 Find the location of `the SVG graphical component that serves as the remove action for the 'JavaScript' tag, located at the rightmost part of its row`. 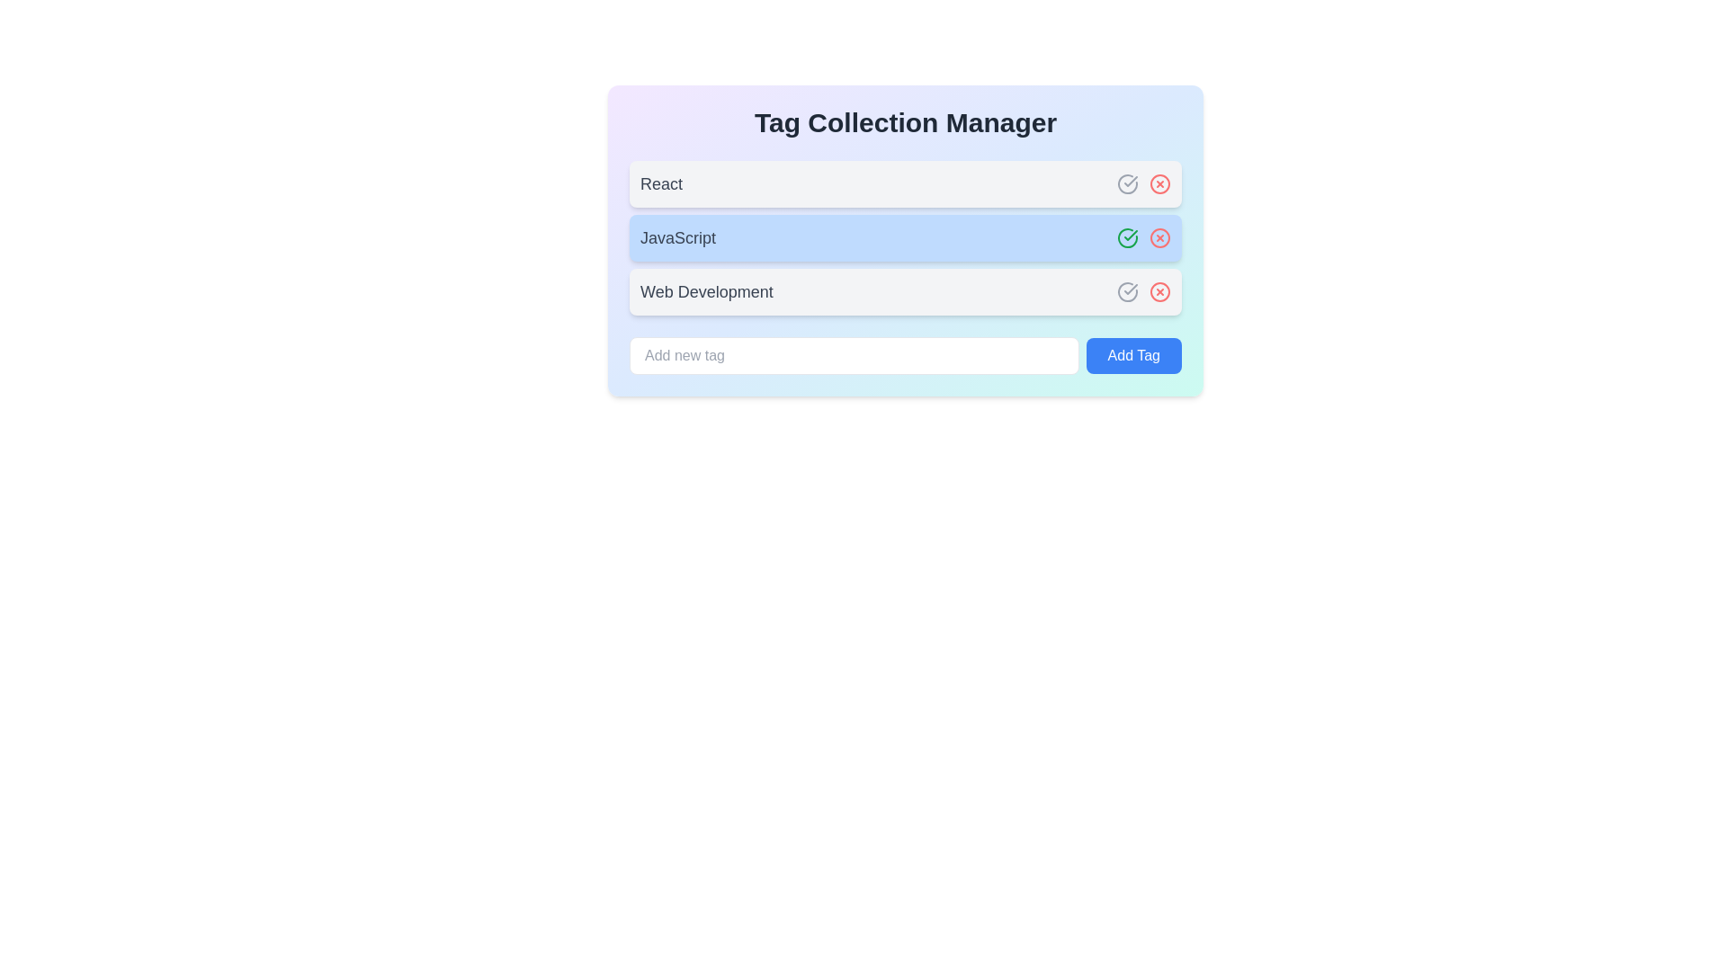

the SVG graphical component that serves as the remove action for the 'JavaScript' tag, located at the rightmost part of its row is located at coordinates (1160, 237).